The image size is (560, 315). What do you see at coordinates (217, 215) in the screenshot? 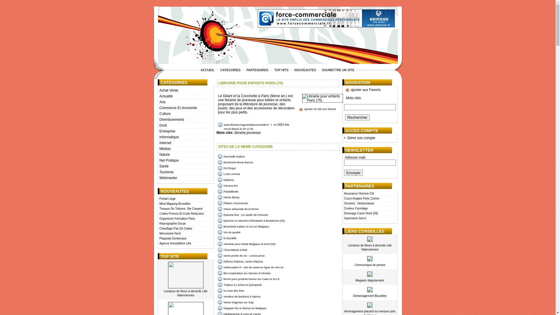
I see `'Epicerie fine : Au Jardin de Pomone'` at bounding box center [217, 215].